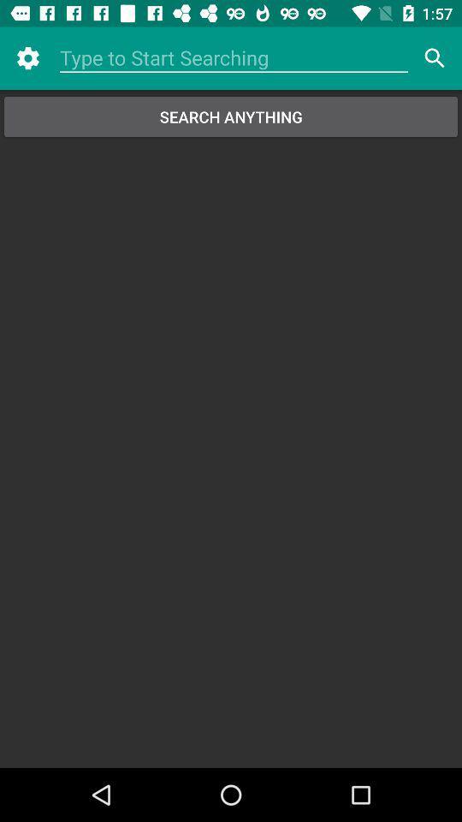 The height and width of the screenshot is (822, 462). Describe the element at coordinates (27, 58) in the screenshot. I see `the settings icon` at that location.